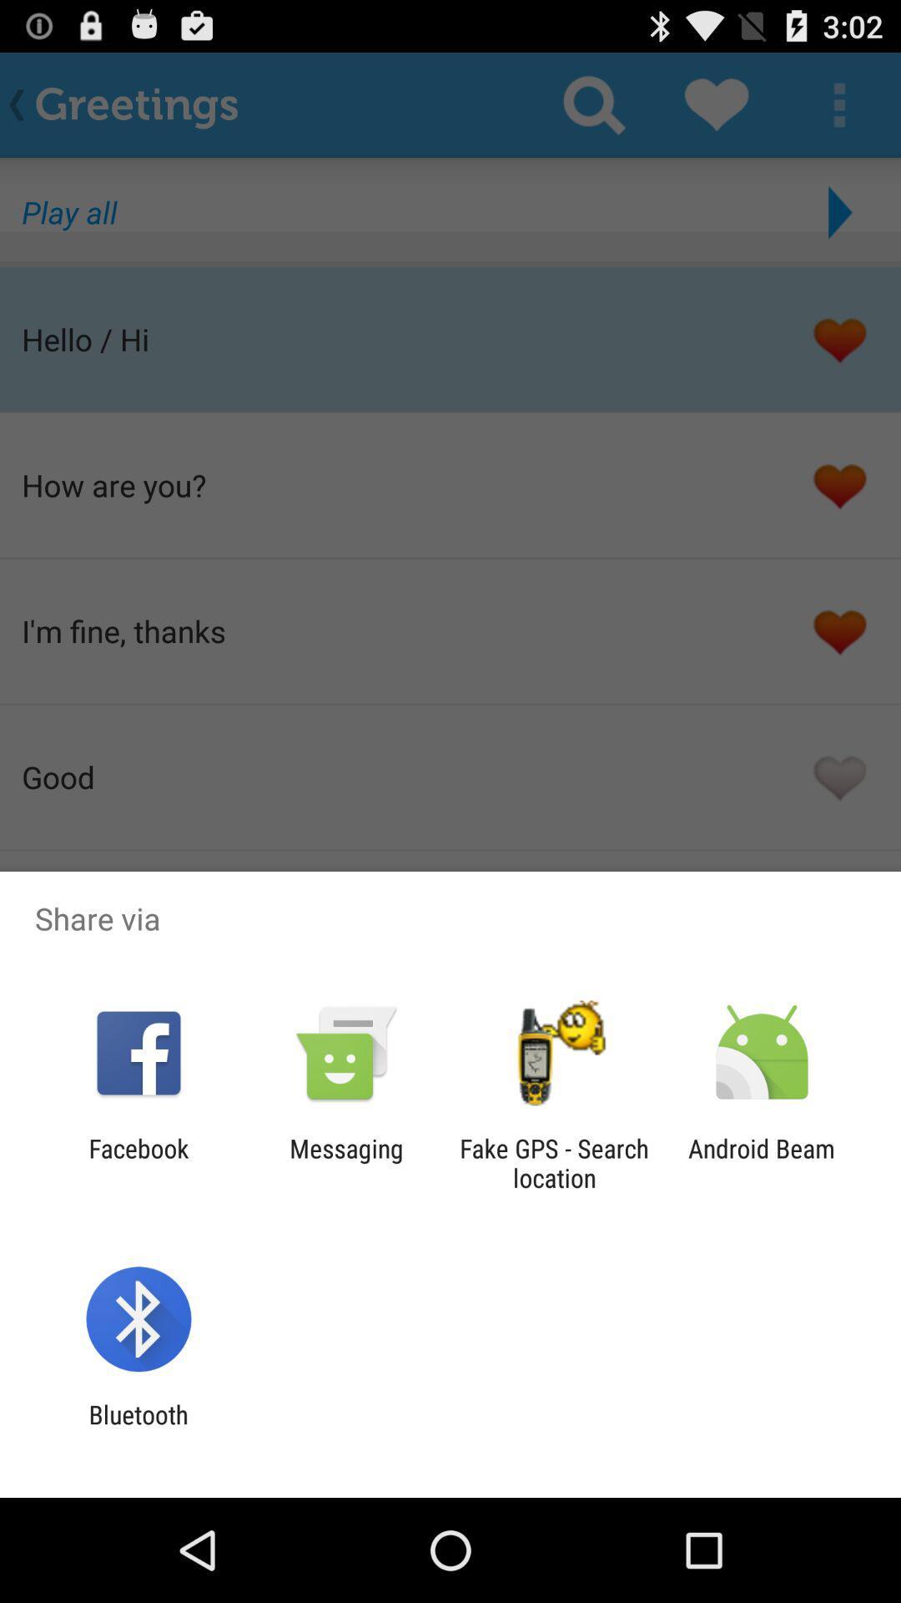  Describe the element at coordinates (138, 1429) in the screenshot. I see `bluetooth app` at that location.